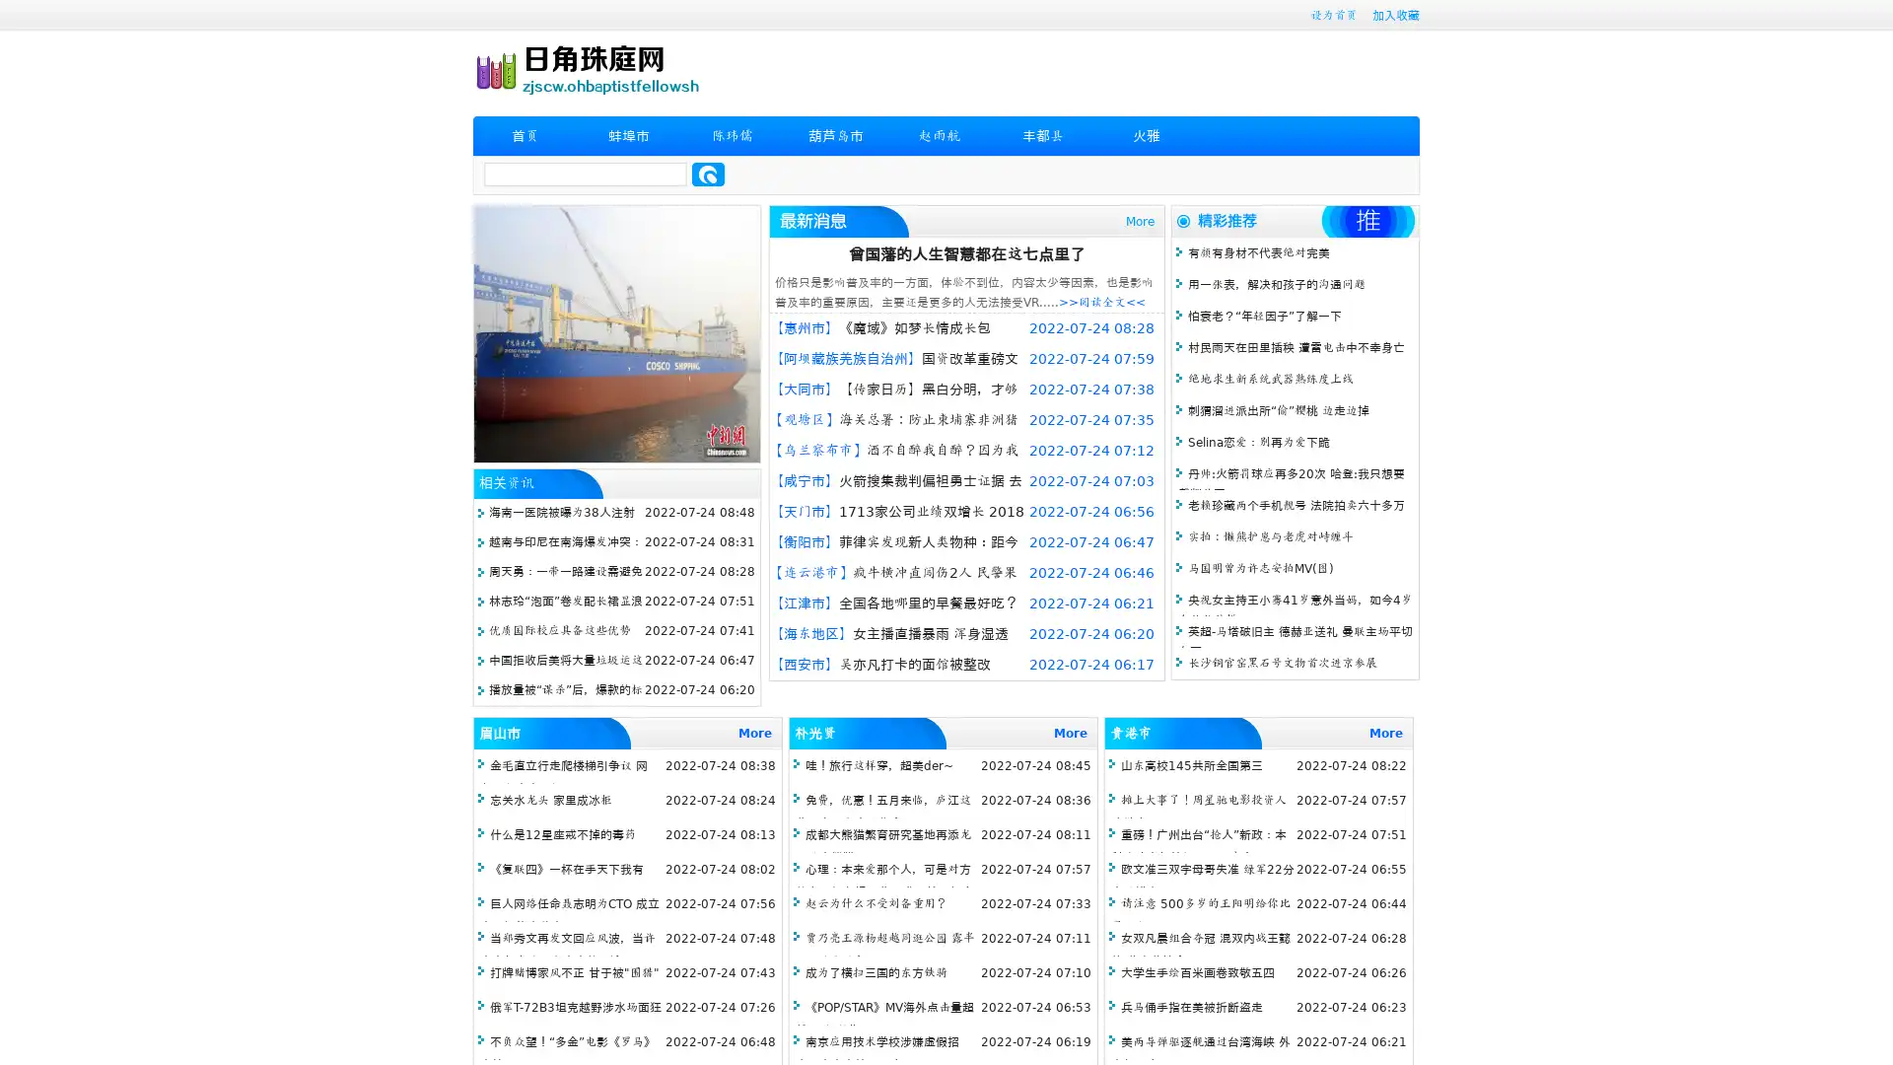  I want to click on Search, so click(708, 174).